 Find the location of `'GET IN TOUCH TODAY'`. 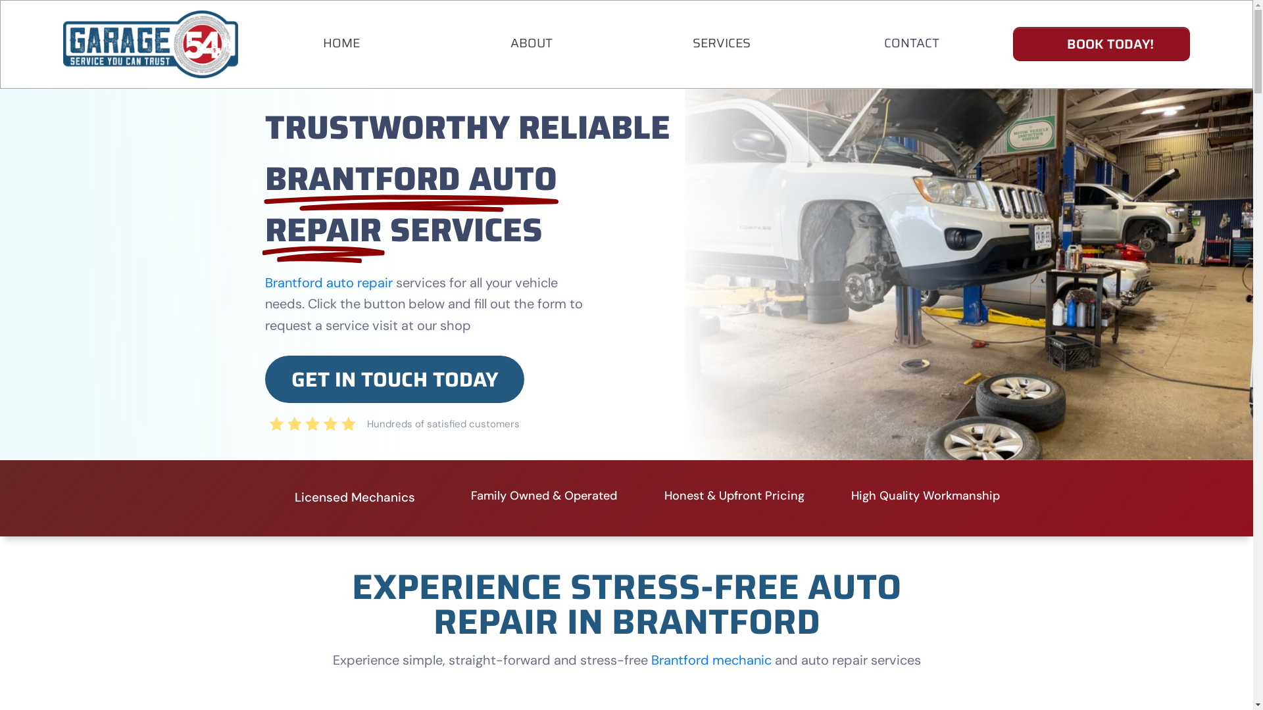

'GET IN TOUCH TODAY' is located at coordinates (394, 379).